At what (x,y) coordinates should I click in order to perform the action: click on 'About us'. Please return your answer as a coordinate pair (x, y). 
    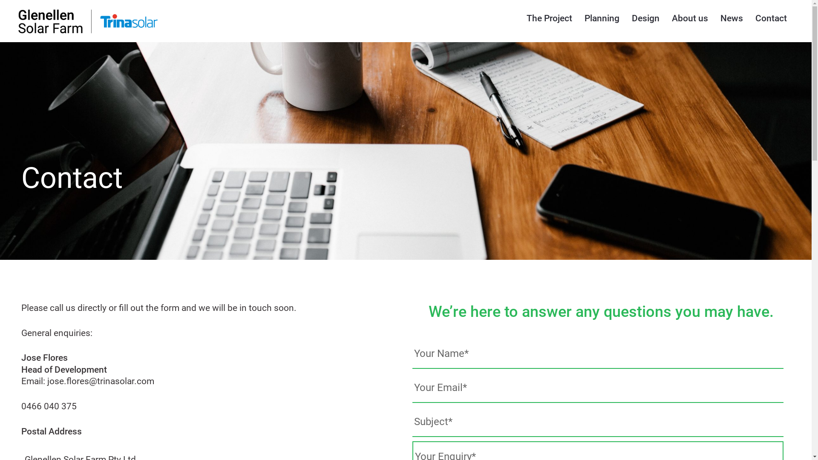
    Looking at the image, I should click on (690, 18).